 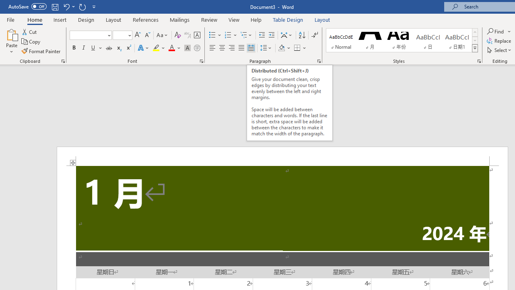 What do you see at coordinates (499, 41) in the screenshot?
I see `'Replace...'` at bounding box center [499, 41].